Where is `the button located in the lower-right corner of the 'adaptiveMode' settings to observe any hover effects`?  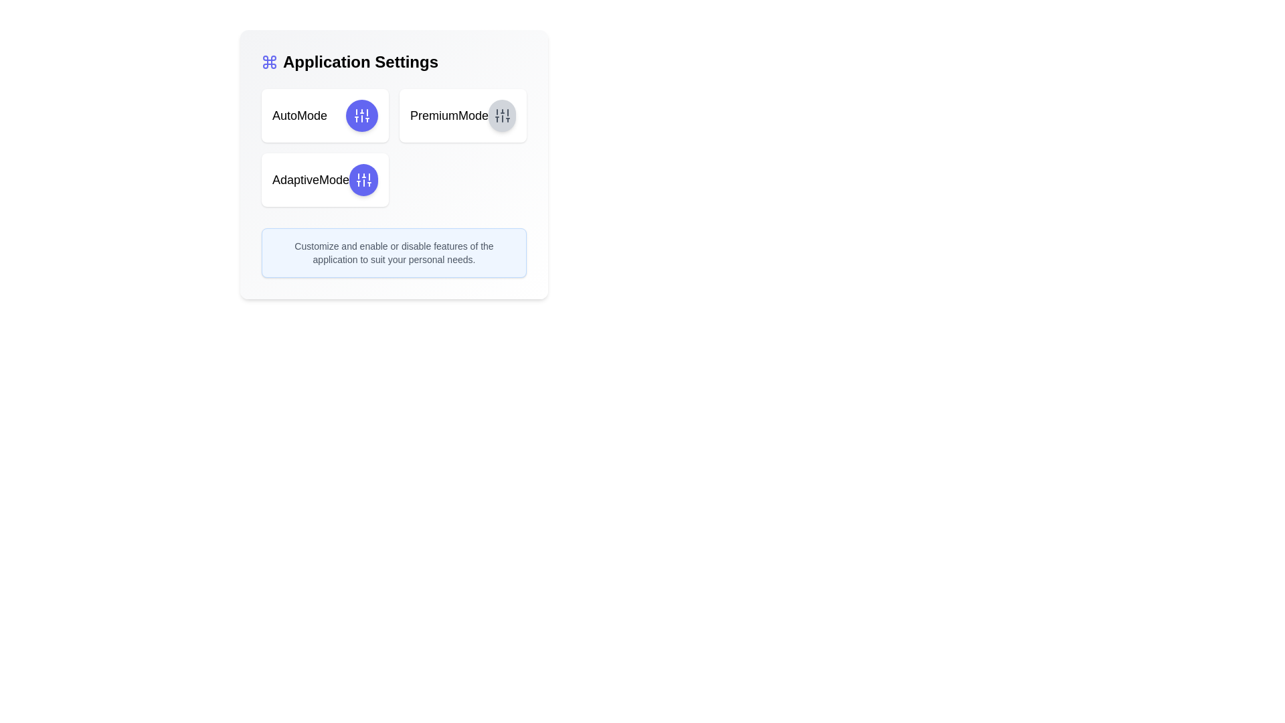 the button located in the lower-right corner of the 'adaptiveMode' settings to observe any hover effects is located at coordinates (363, 179).